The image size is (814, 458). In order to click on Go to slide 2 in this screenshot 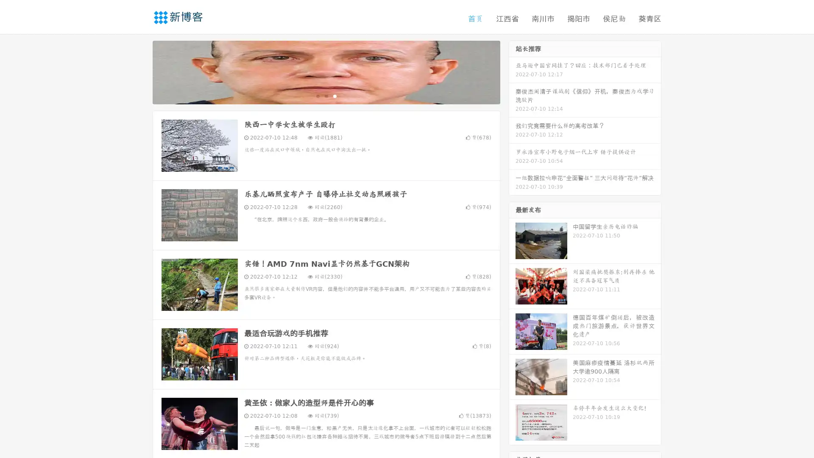, I will do `click(326, 95)`.